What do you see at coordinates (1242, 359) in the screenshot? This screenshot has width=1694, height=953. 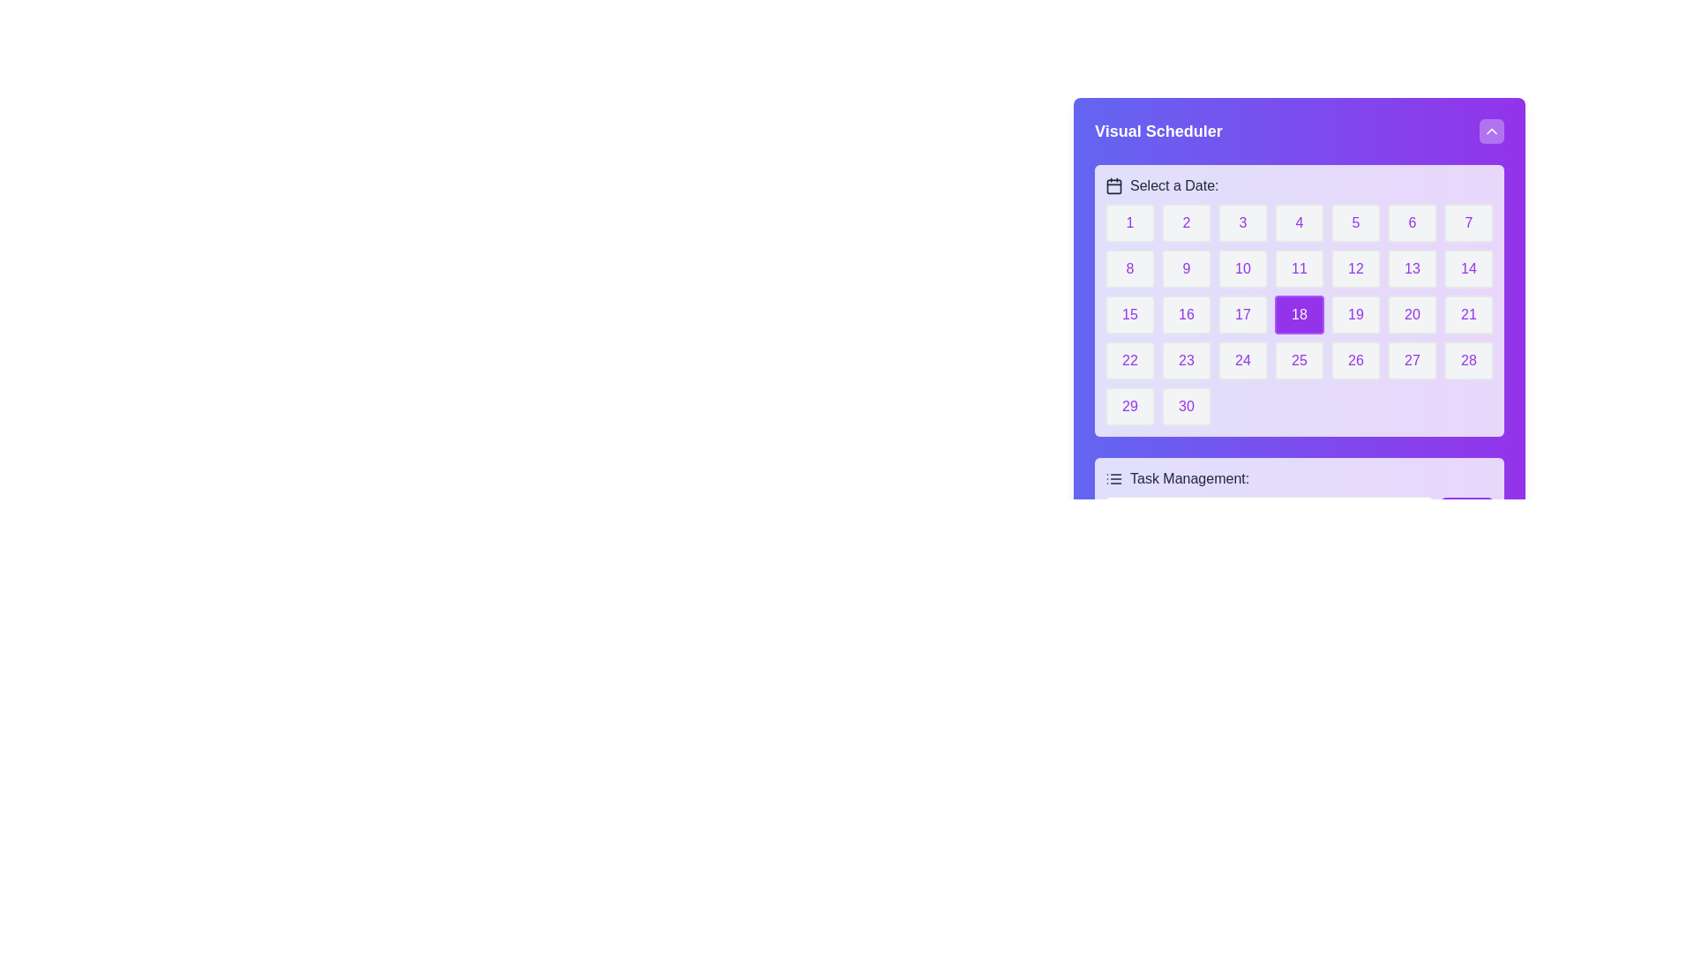 I see `the button for the 24th day in the calendar interface` at bounding box center [1242, 359].